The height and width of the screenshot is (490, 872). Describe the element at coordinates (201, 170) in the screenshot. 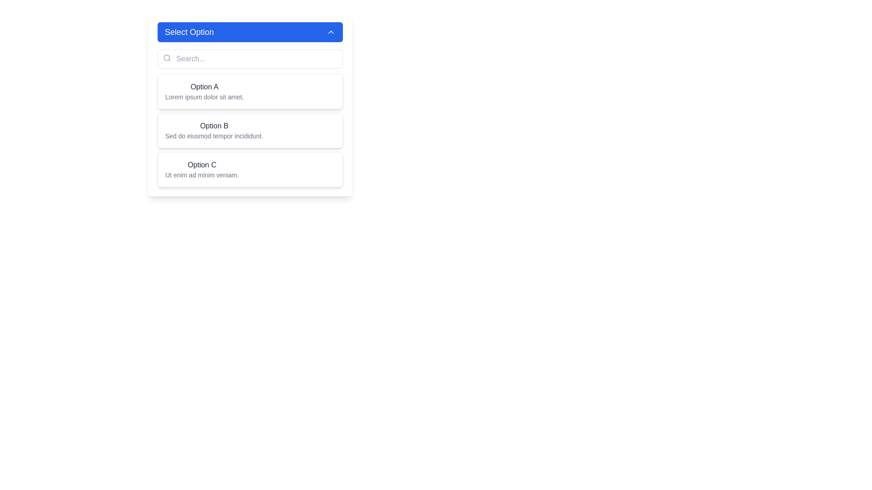

I see `the third list item titled 'Option C'` at that location.